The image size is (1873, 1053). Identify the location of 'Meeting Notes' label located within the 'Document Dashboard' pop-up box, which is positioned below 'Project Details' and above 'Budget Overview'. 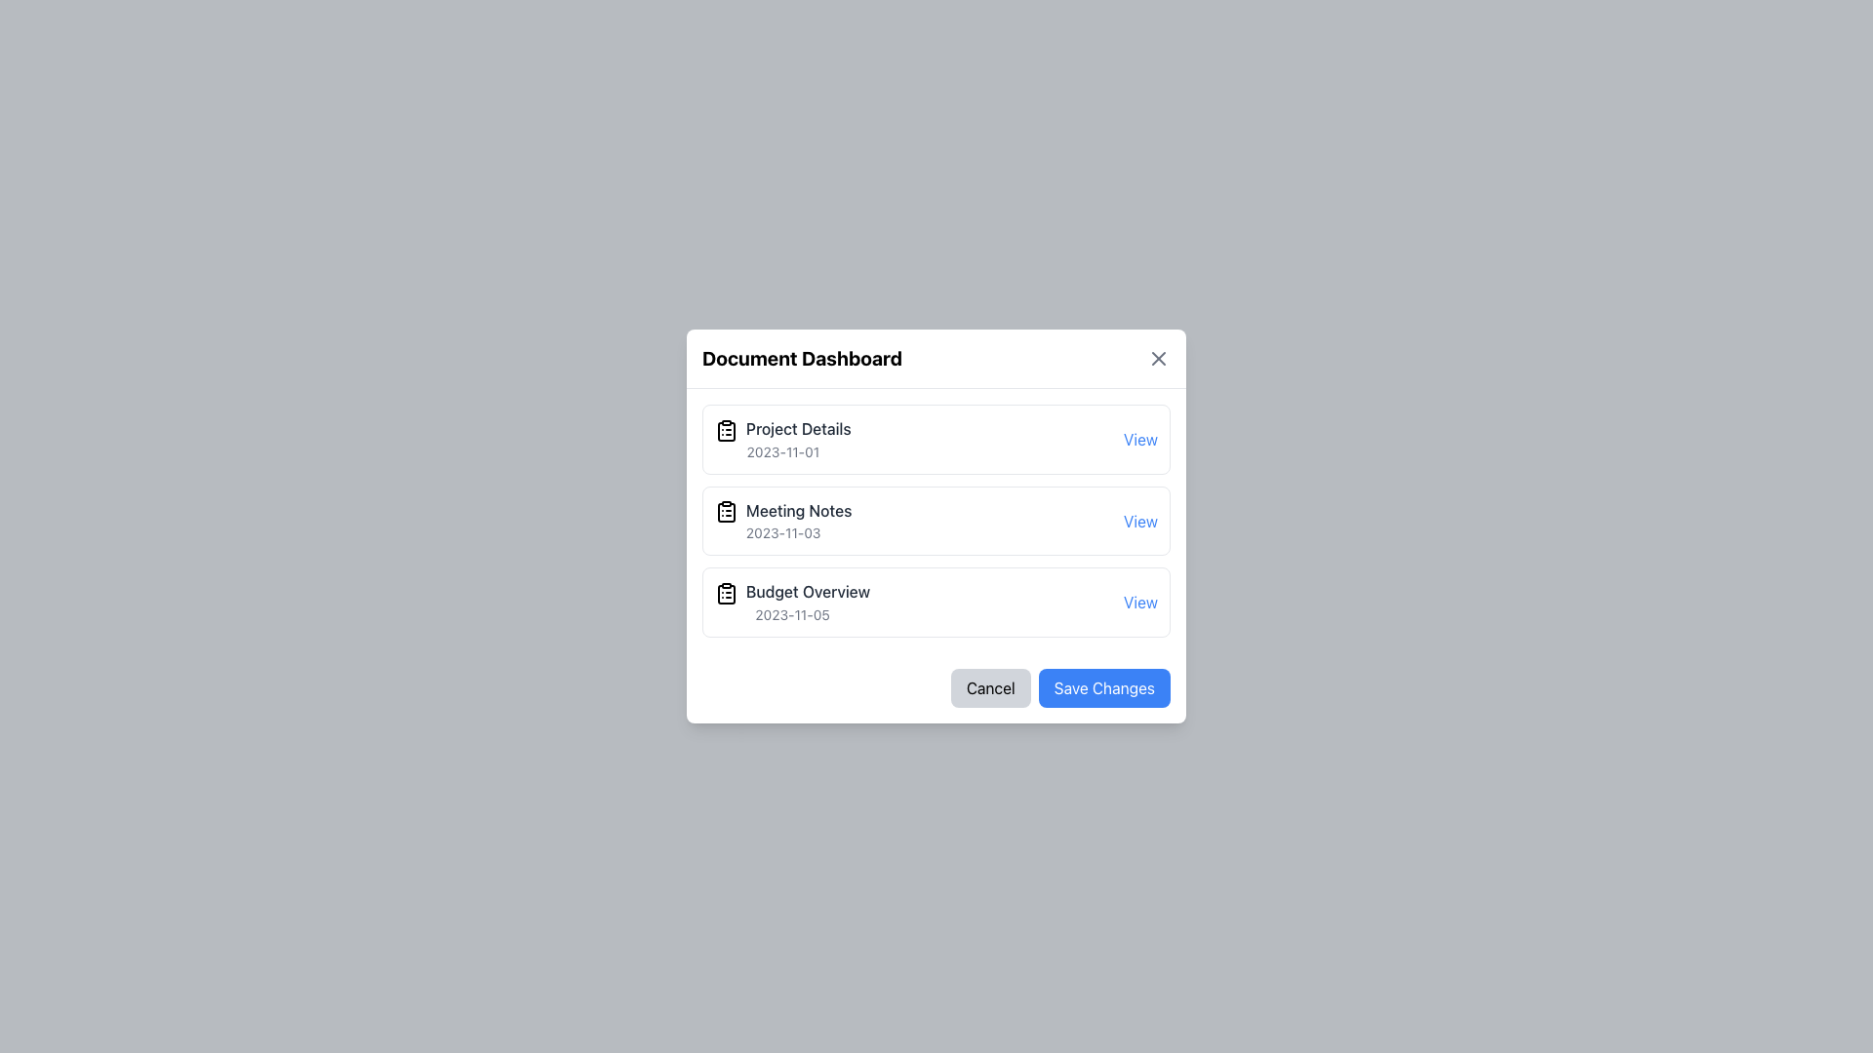
(799, 509).